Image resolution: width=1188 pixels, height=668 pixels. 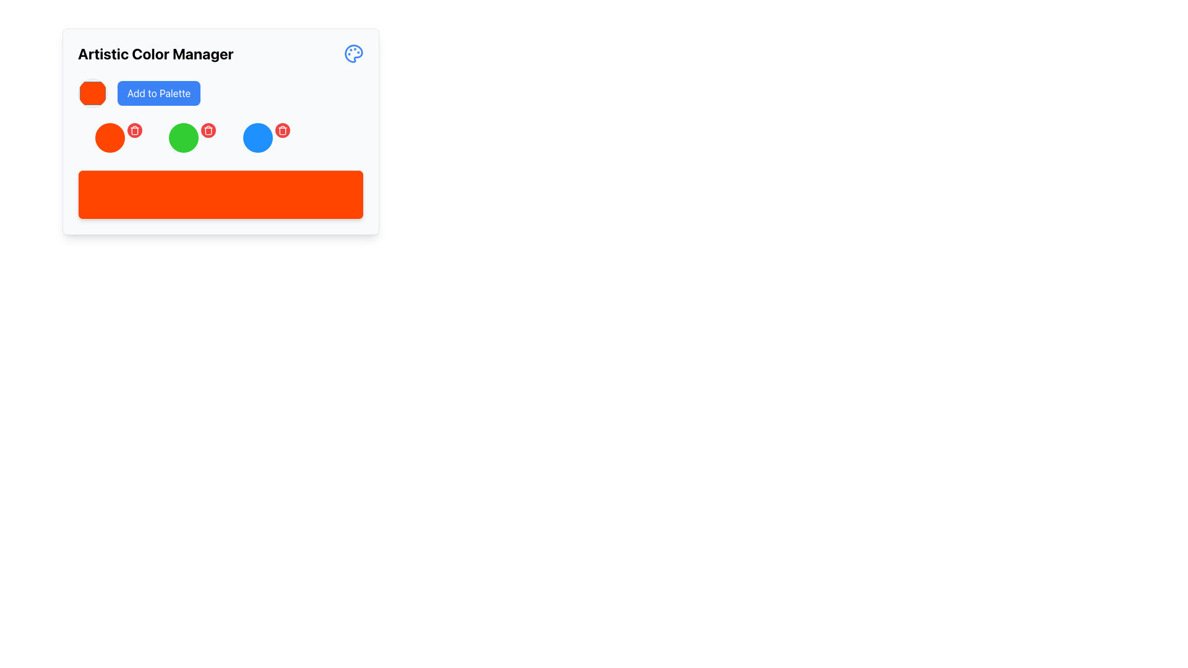 What do you see at coordinates (110, 139) in the screenshot?
I see `the circular Interactive Color Selector with a bright red background` at bounding box center [110, 139].